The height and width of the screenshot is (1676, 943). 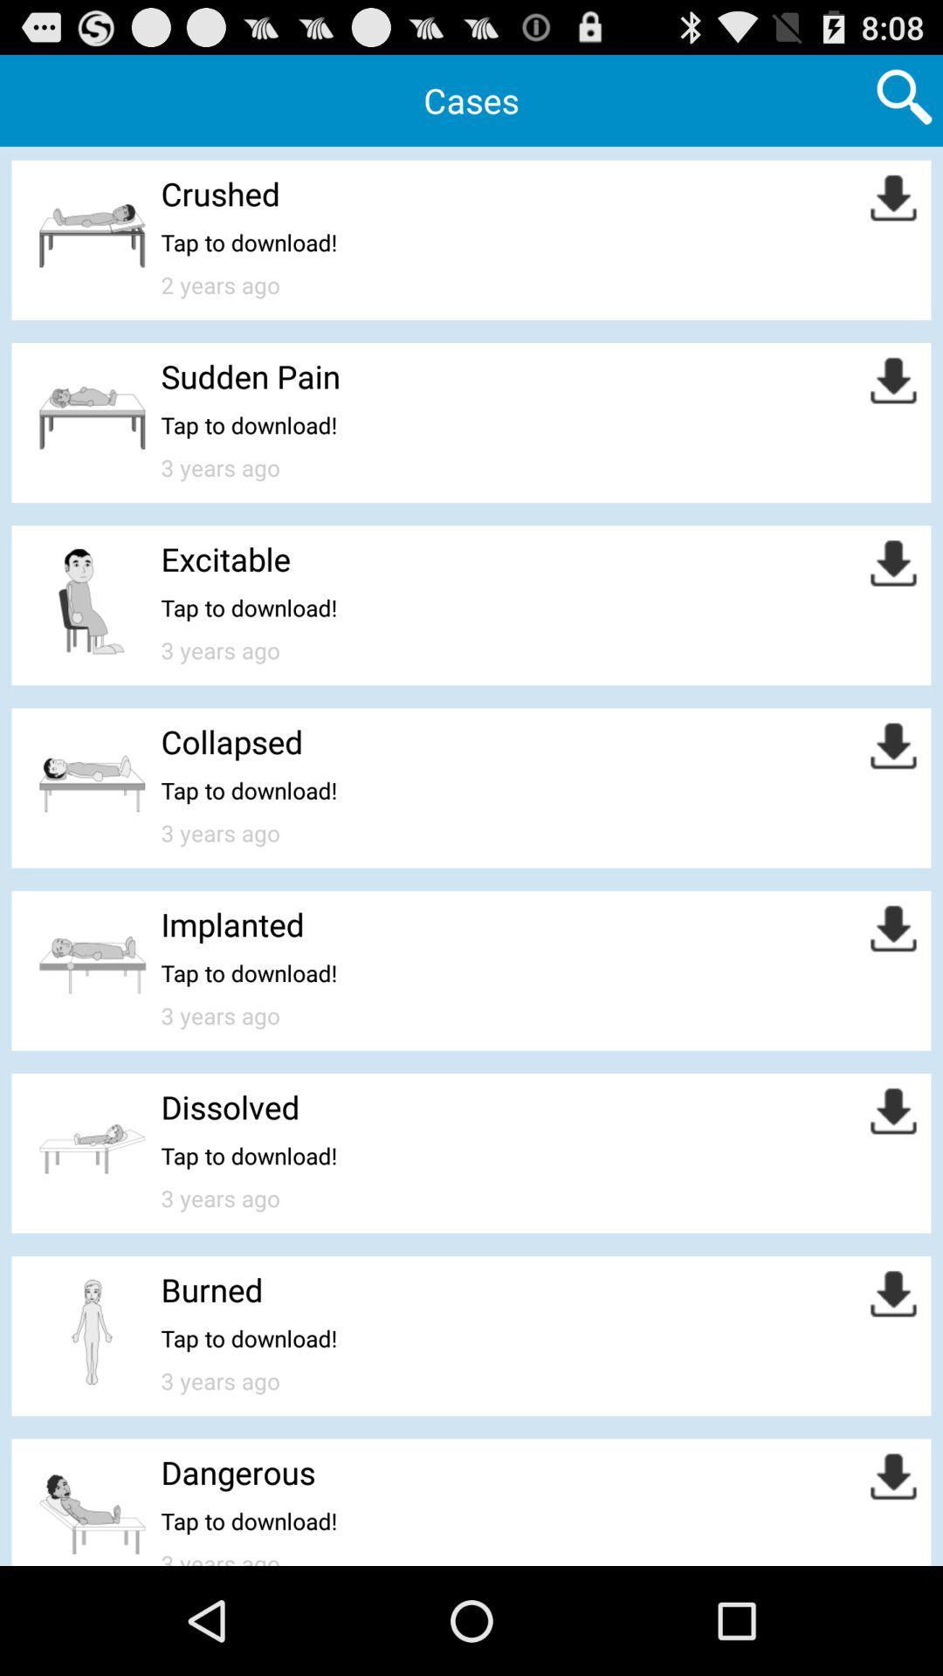 What do you see at coordinates (238, 1471) in the screenshot?
I see `the icon above tap to download! icon` at bounding box center [238, 1471].